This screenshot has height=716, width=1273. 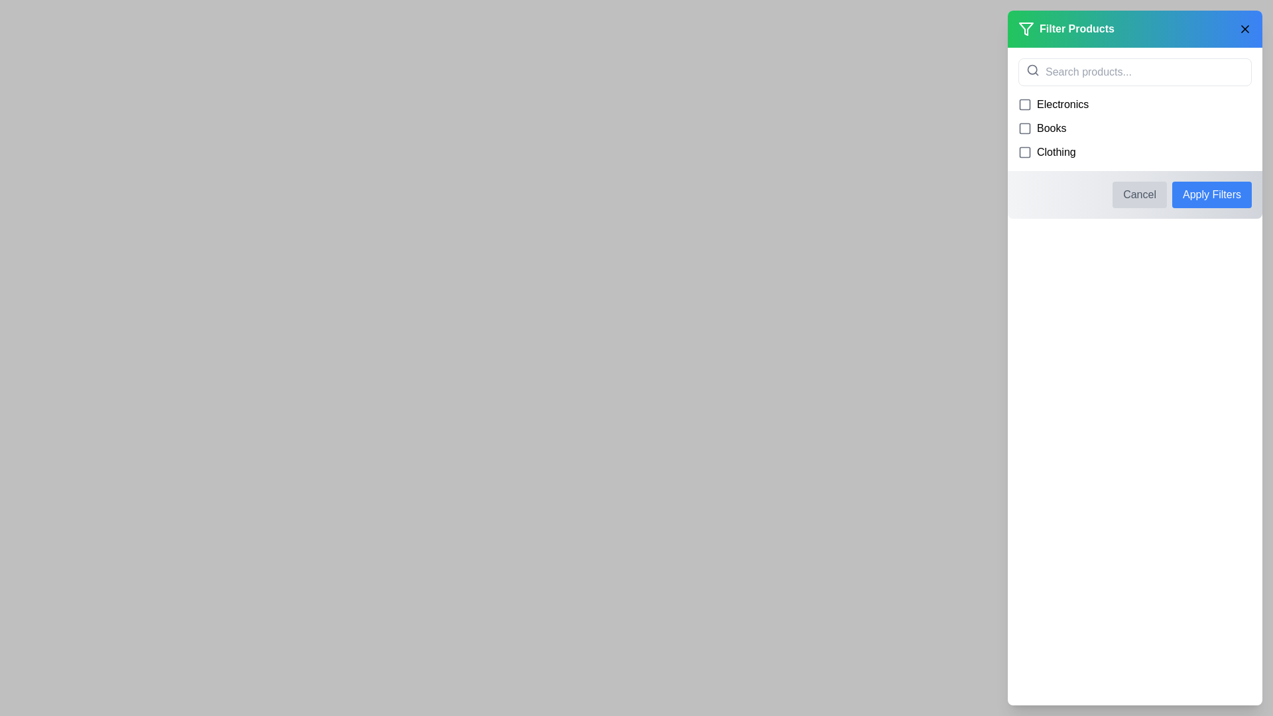 What do you see at coordinates (1134, 72) in the screenshot?
I see `the search input field located at the top of the side panel to trigger any potential UI feedback` at bounding box center [1134, 72].